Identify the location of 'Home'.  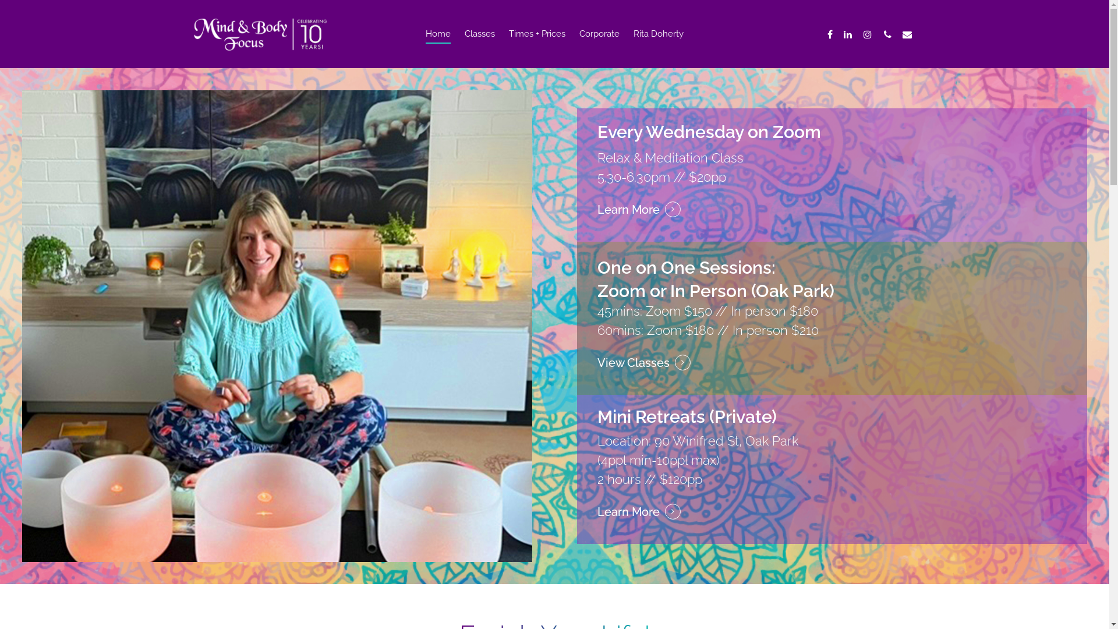
(437, 42).